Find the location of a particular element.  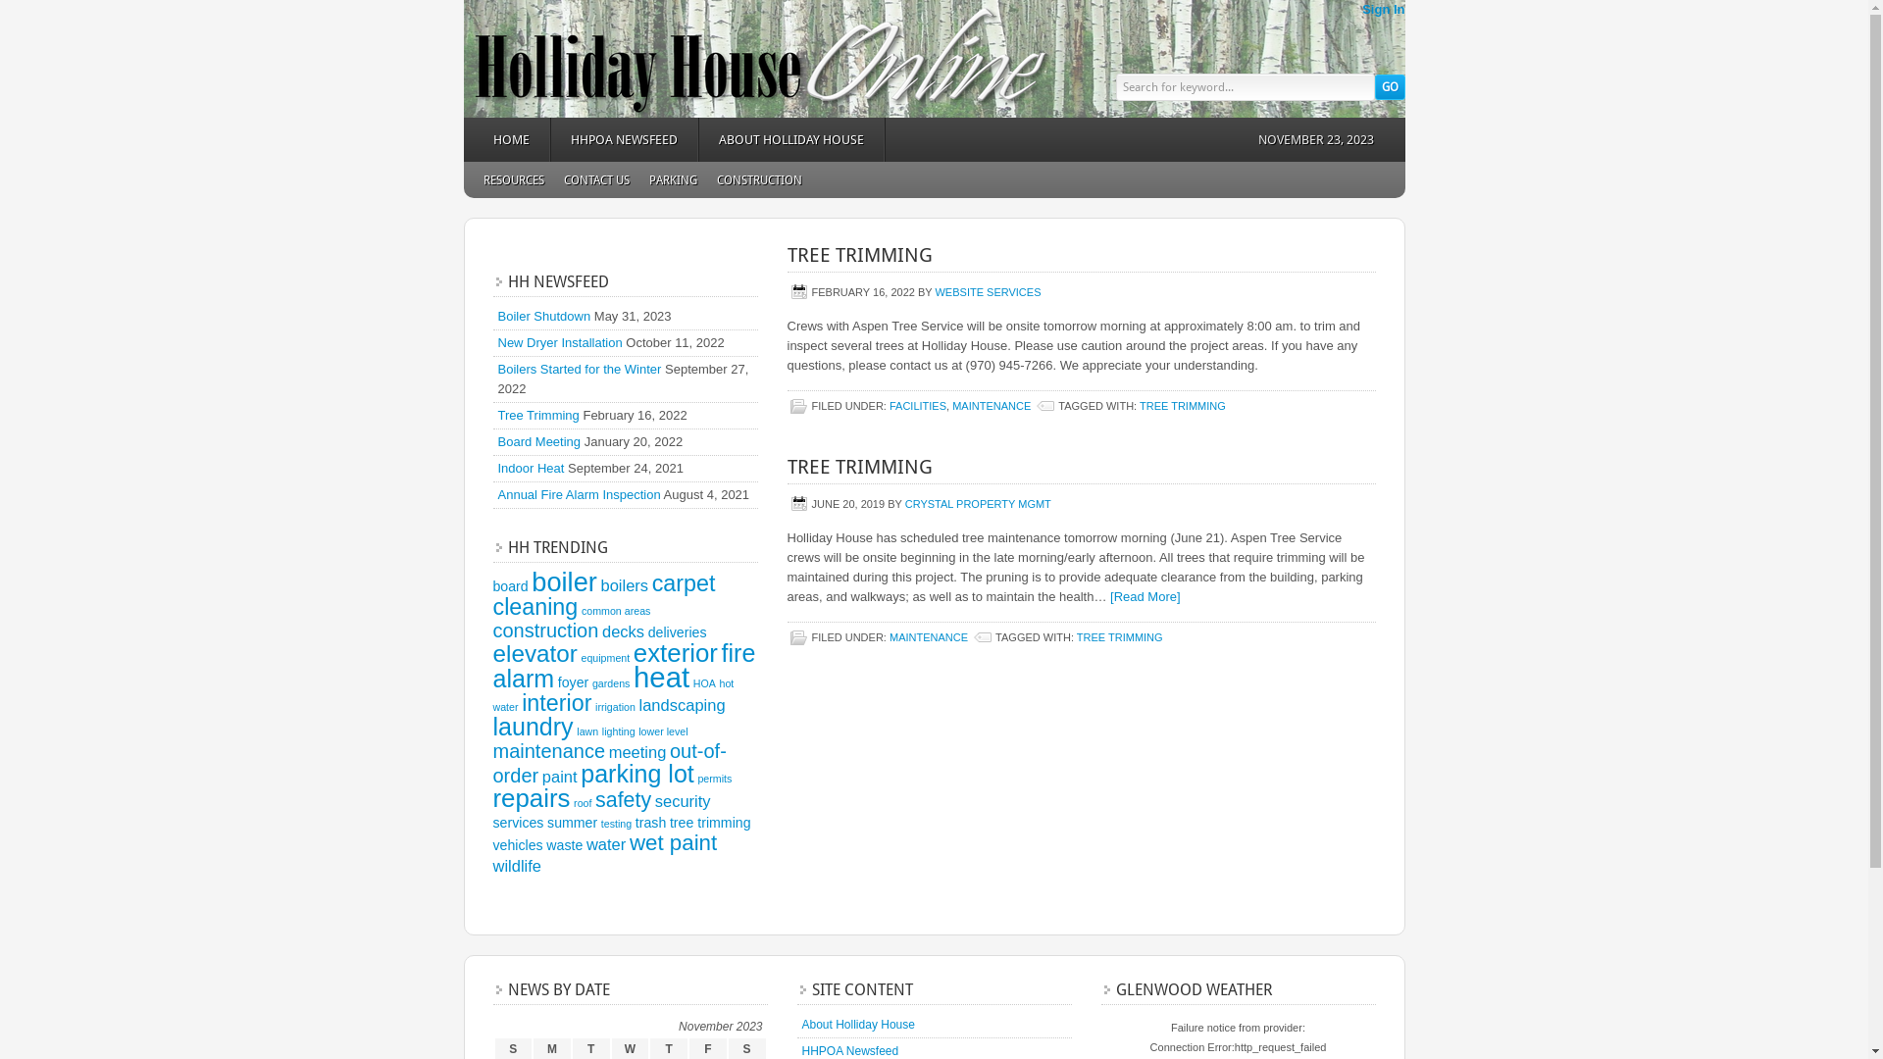

'foyer' is located at coordinates (572, 681).